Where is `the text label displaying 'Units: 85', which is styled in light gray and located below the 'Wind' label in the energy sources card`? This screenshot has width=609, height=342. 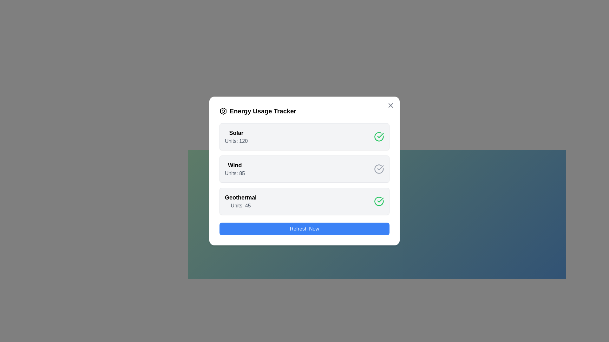
the text label displaying 'Units: 85', which is styled in light gray and located below the 'Wind' label in the energy sources card is located at coordinates (234, 173).